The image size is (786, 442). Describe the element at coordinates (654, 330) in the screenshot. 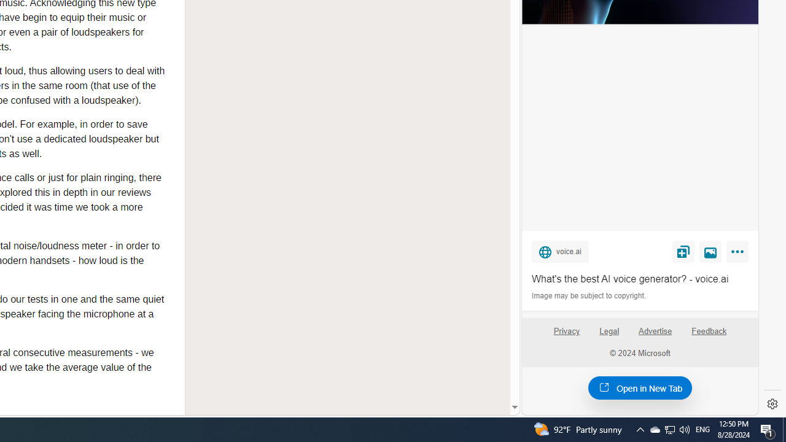

I see `'Advertise'` at that location.